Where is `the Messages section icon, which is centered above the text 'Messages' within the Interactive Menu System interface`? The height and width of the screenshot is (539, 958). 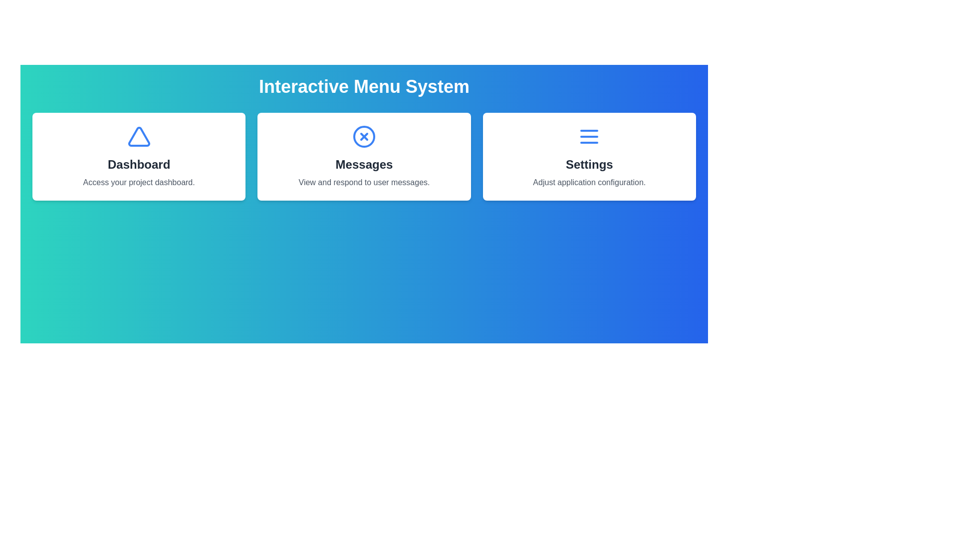
the Messages section icon, which is centered above the text 'Messages' within the Interactive Menu System interface is located at coordinates (363, 136).